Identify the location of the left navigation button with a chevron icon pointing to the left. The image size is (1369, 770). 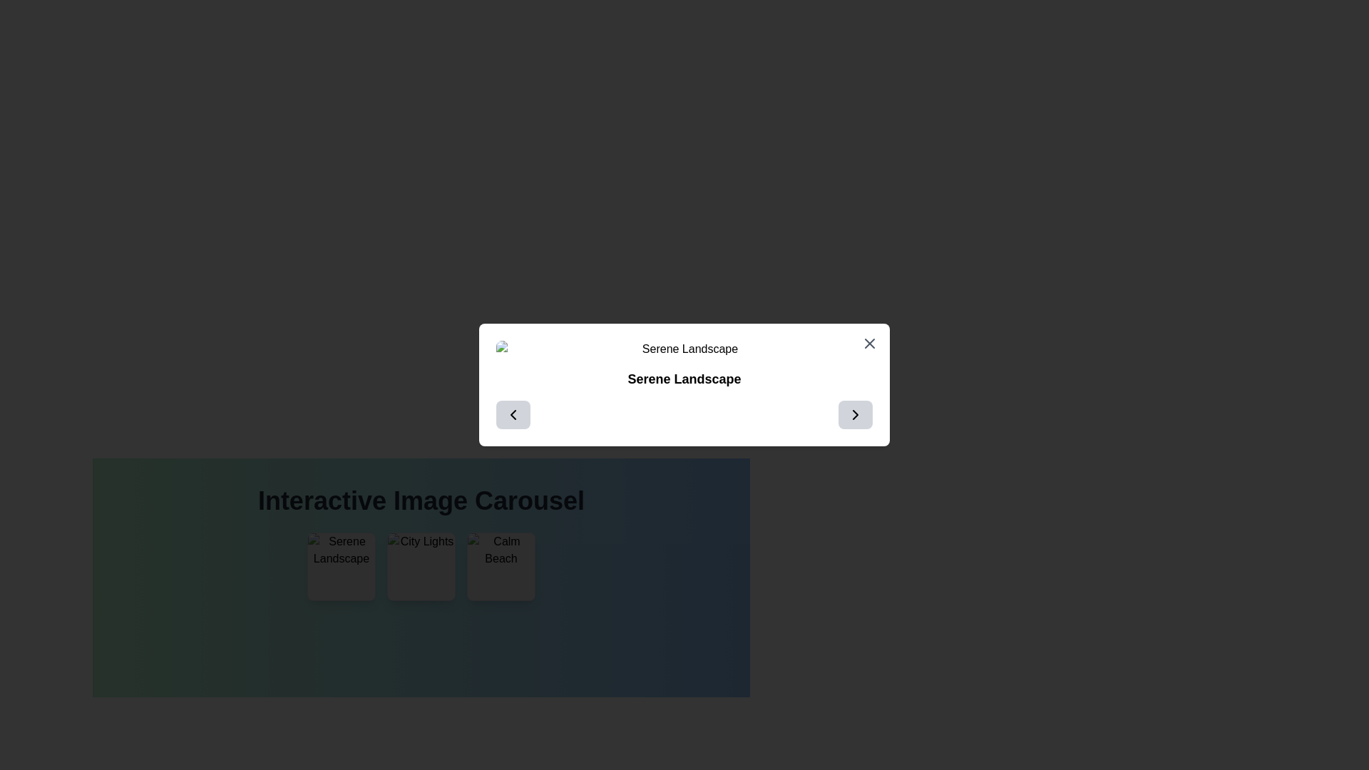
(513, 415).